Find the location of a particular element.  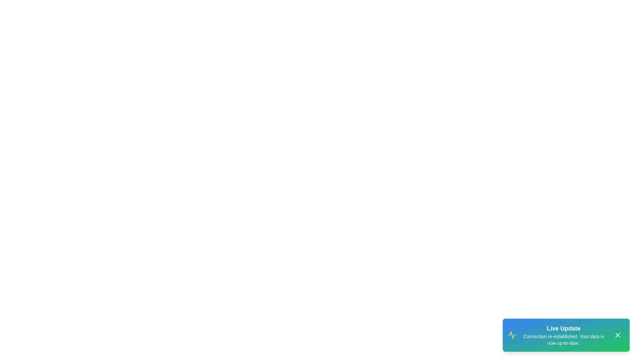

the snackbar's icon to inspect its visual state is located at coordinates (512, 335).